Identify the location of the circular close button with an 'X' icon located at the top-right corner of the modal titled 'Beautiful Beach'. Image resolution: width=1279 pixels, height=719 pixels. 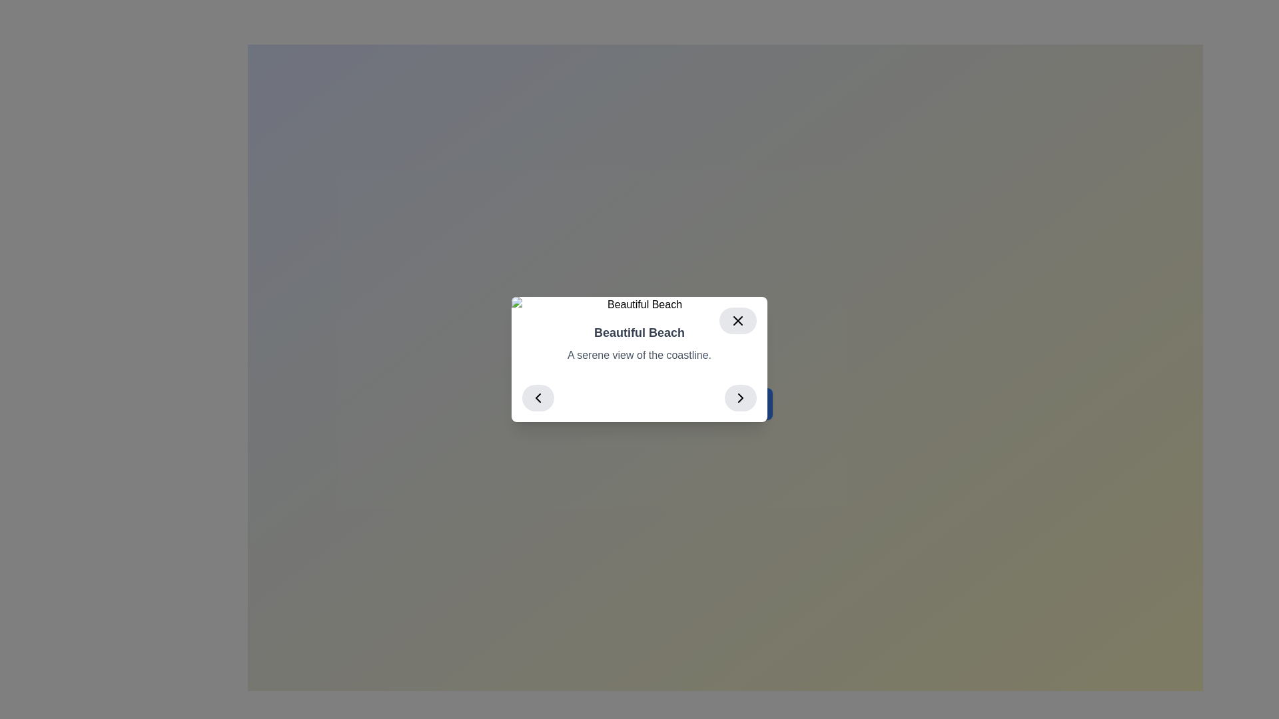
(737, 321).